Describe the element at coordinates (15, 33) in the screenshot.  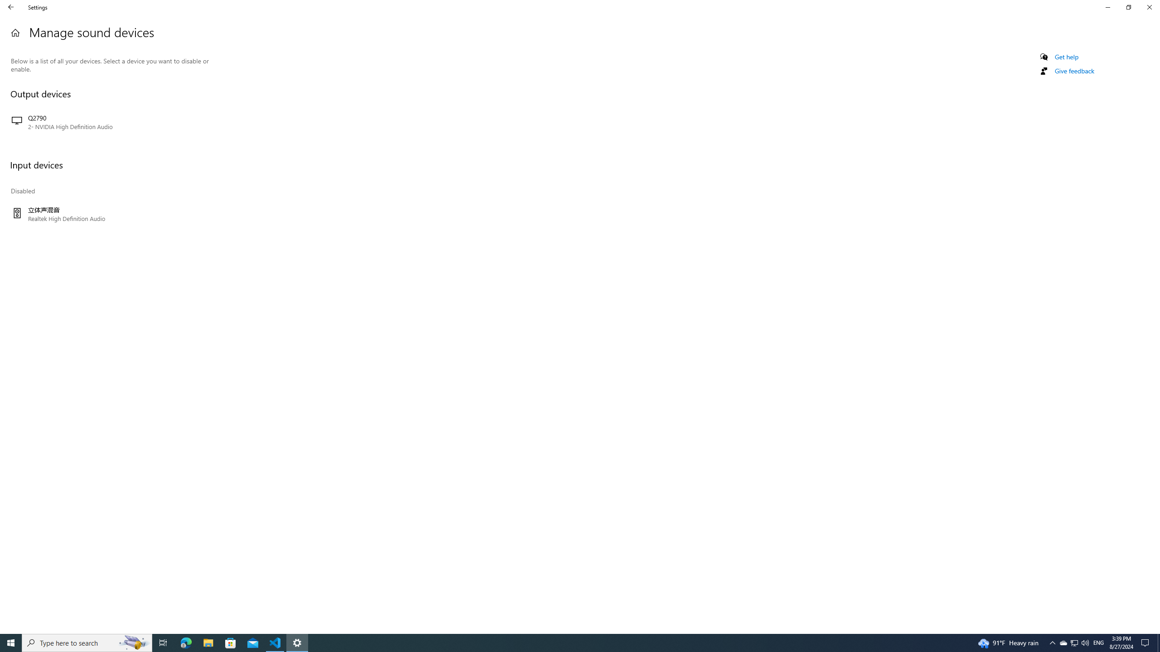
I see `'Home'` at that location.